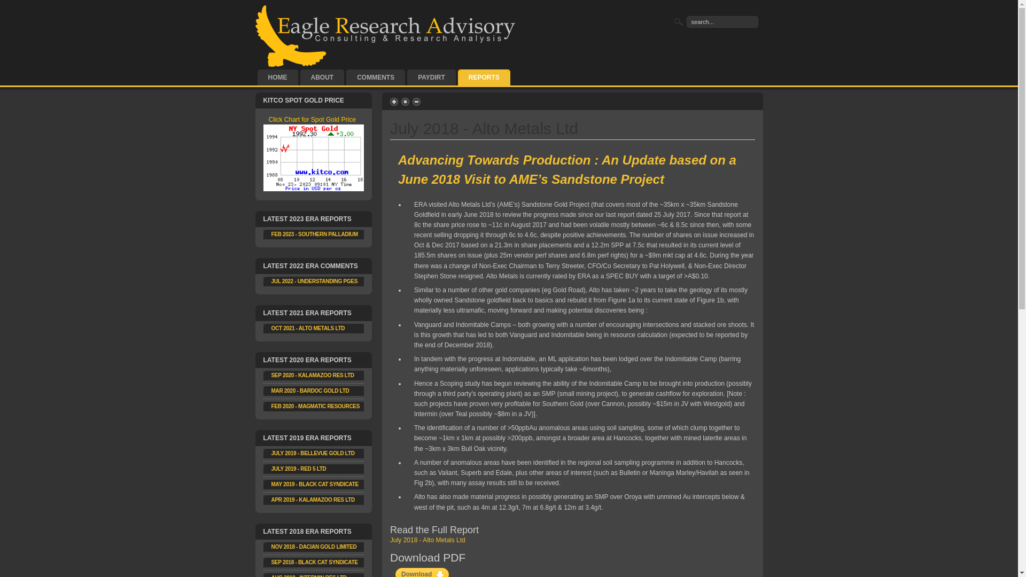 The height and width of the screenshot is (577, 1026). What do you see at coordinates (417, 102) in the screenshot?
I see `'Decrease font size'` at bounding box center [417, 102].